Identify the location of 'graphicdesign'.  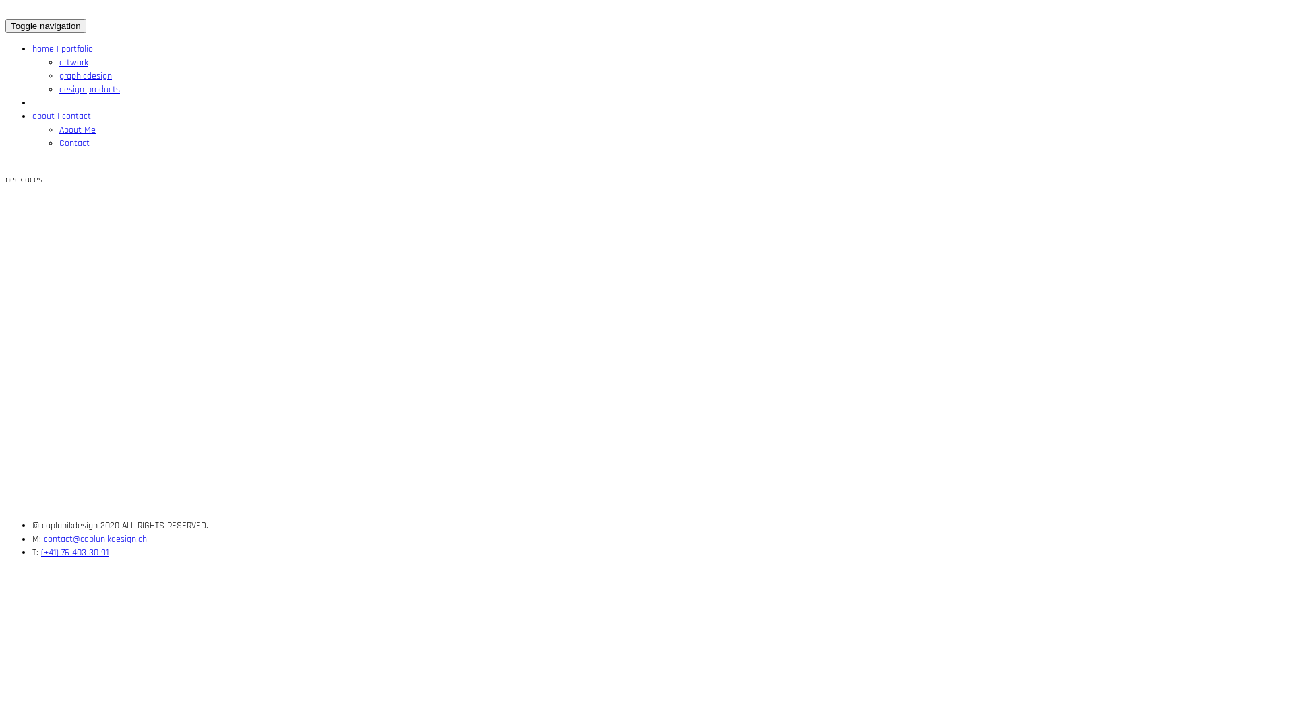
(84, 75).